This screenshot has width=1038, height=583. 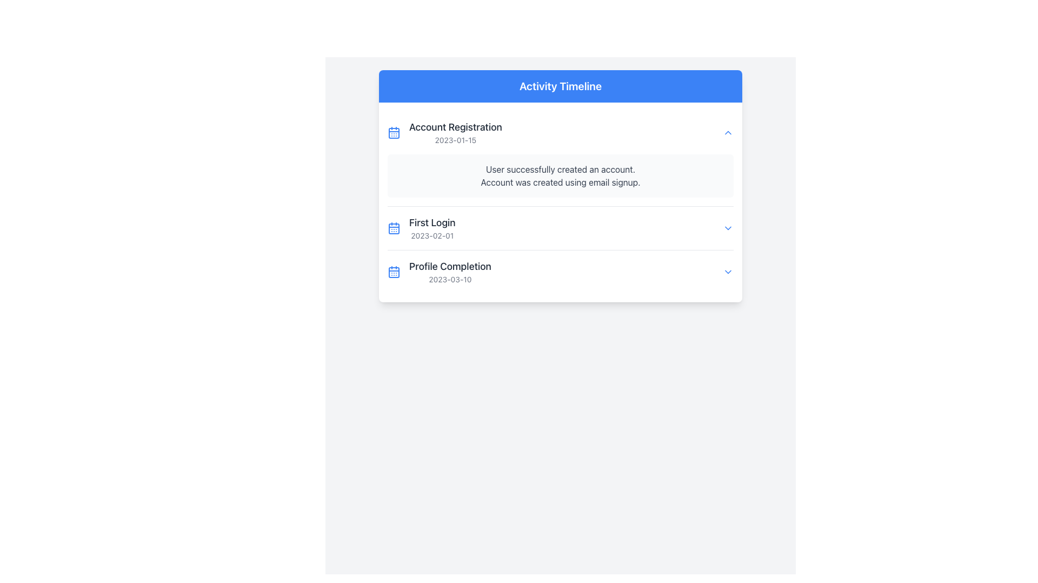 What do you see at coordinates (560, 270) in the screenshot?
I see `the non-interactive informational display component titled 'Profile Completion' located in the third section of the activity timeline` at bounding box center [560, 270].